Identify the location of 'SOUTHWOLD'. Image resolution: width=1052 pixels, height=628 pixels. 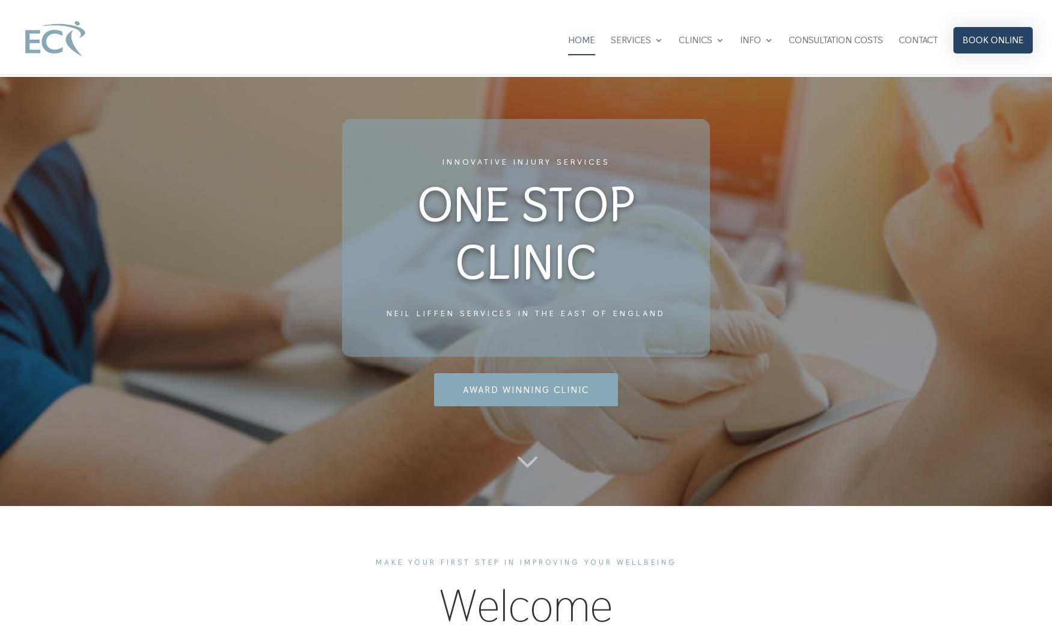
(702, 150).